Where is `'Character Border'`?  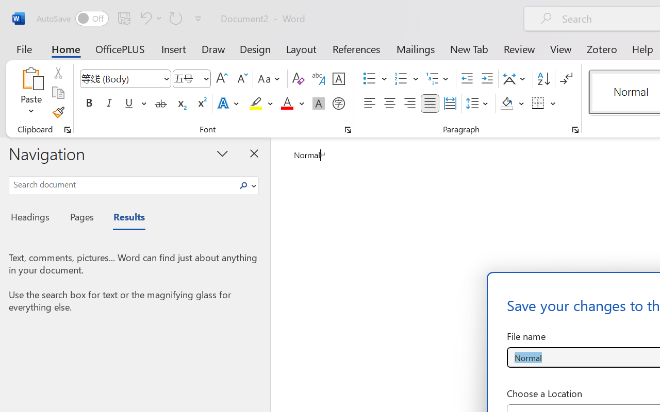
'Character Border' is located at coordinates (338, 79).